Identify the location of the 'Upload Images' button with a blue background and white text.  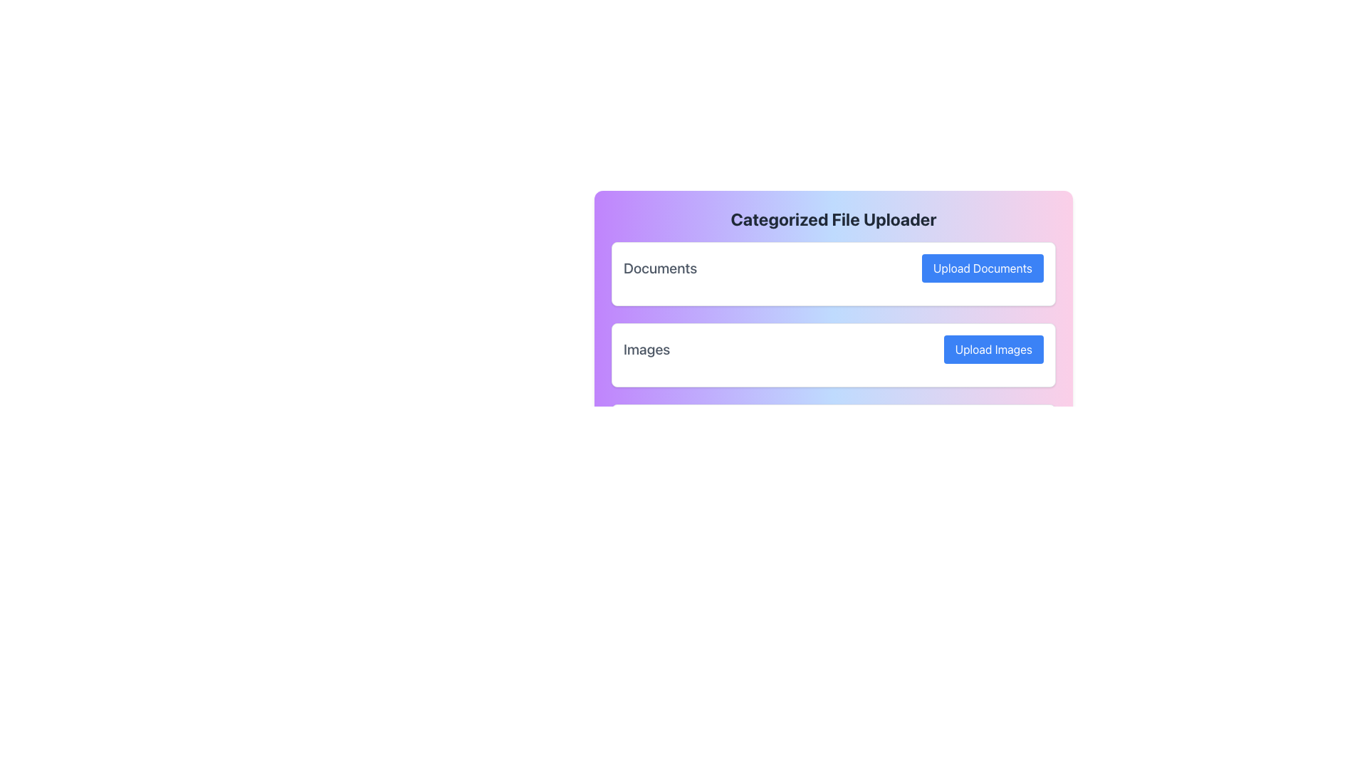
(992, 349).